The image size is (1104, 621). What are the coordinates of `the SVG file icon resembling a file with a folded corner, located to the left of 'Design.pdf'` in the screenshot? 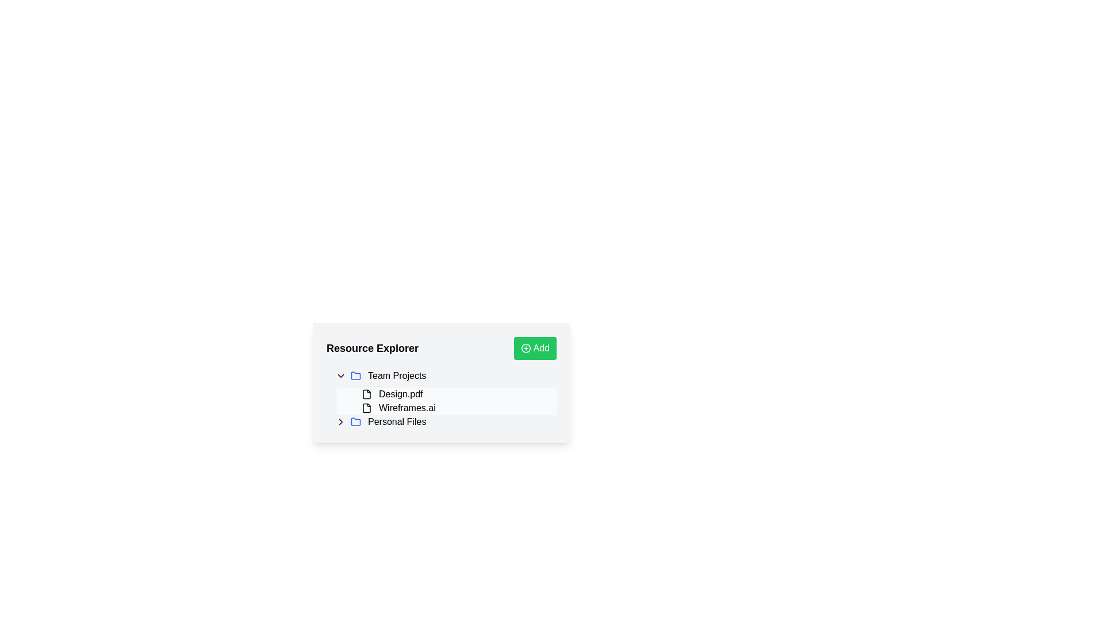 It's located at (366, 394).